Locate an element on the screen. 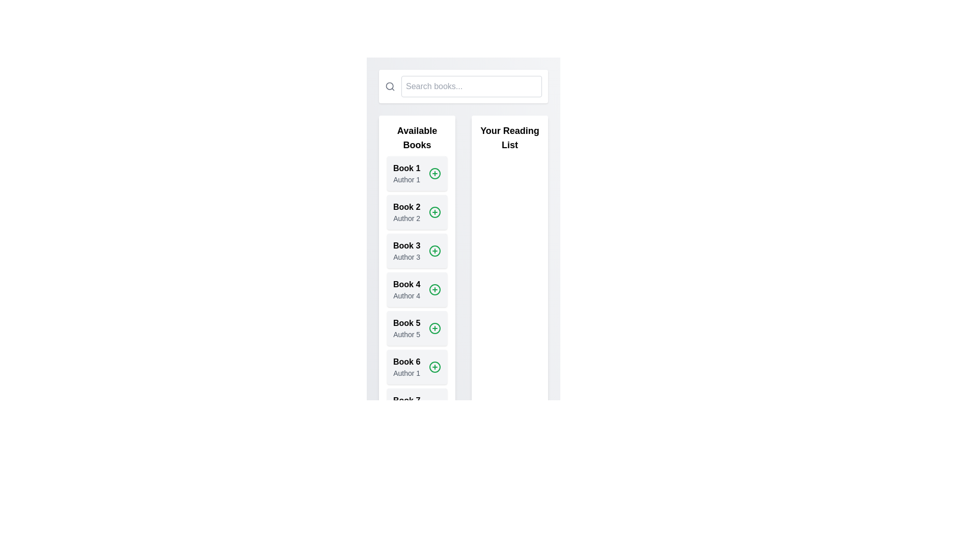 The height and width of the screenshot is (550, 978). the text label displaying 'Author 1', which is styled in gray and located beneath the title 'Book 6' in the 'Available Books' section is located at coordinates (406, 373).